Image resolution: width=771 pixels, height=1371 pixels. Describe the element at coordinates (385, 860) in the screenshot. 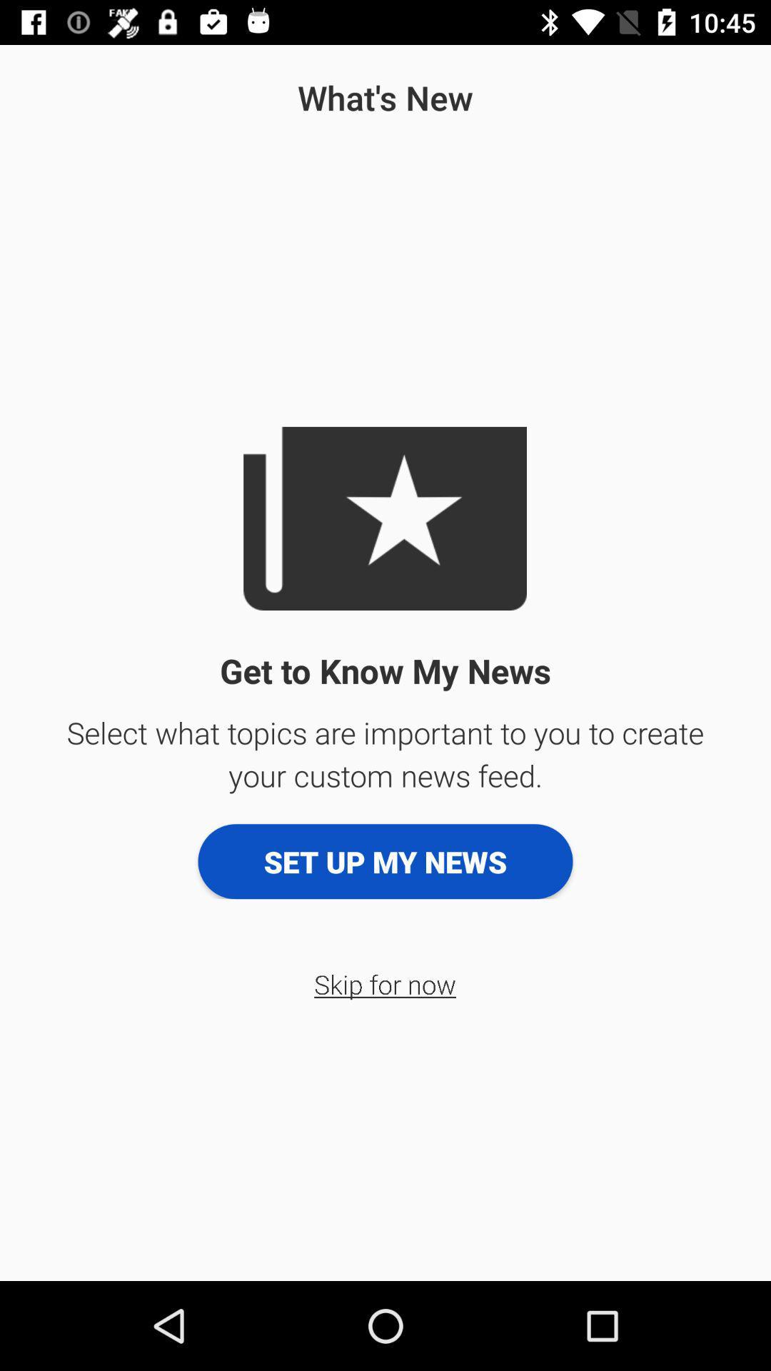

I see `the set up my` at that location.